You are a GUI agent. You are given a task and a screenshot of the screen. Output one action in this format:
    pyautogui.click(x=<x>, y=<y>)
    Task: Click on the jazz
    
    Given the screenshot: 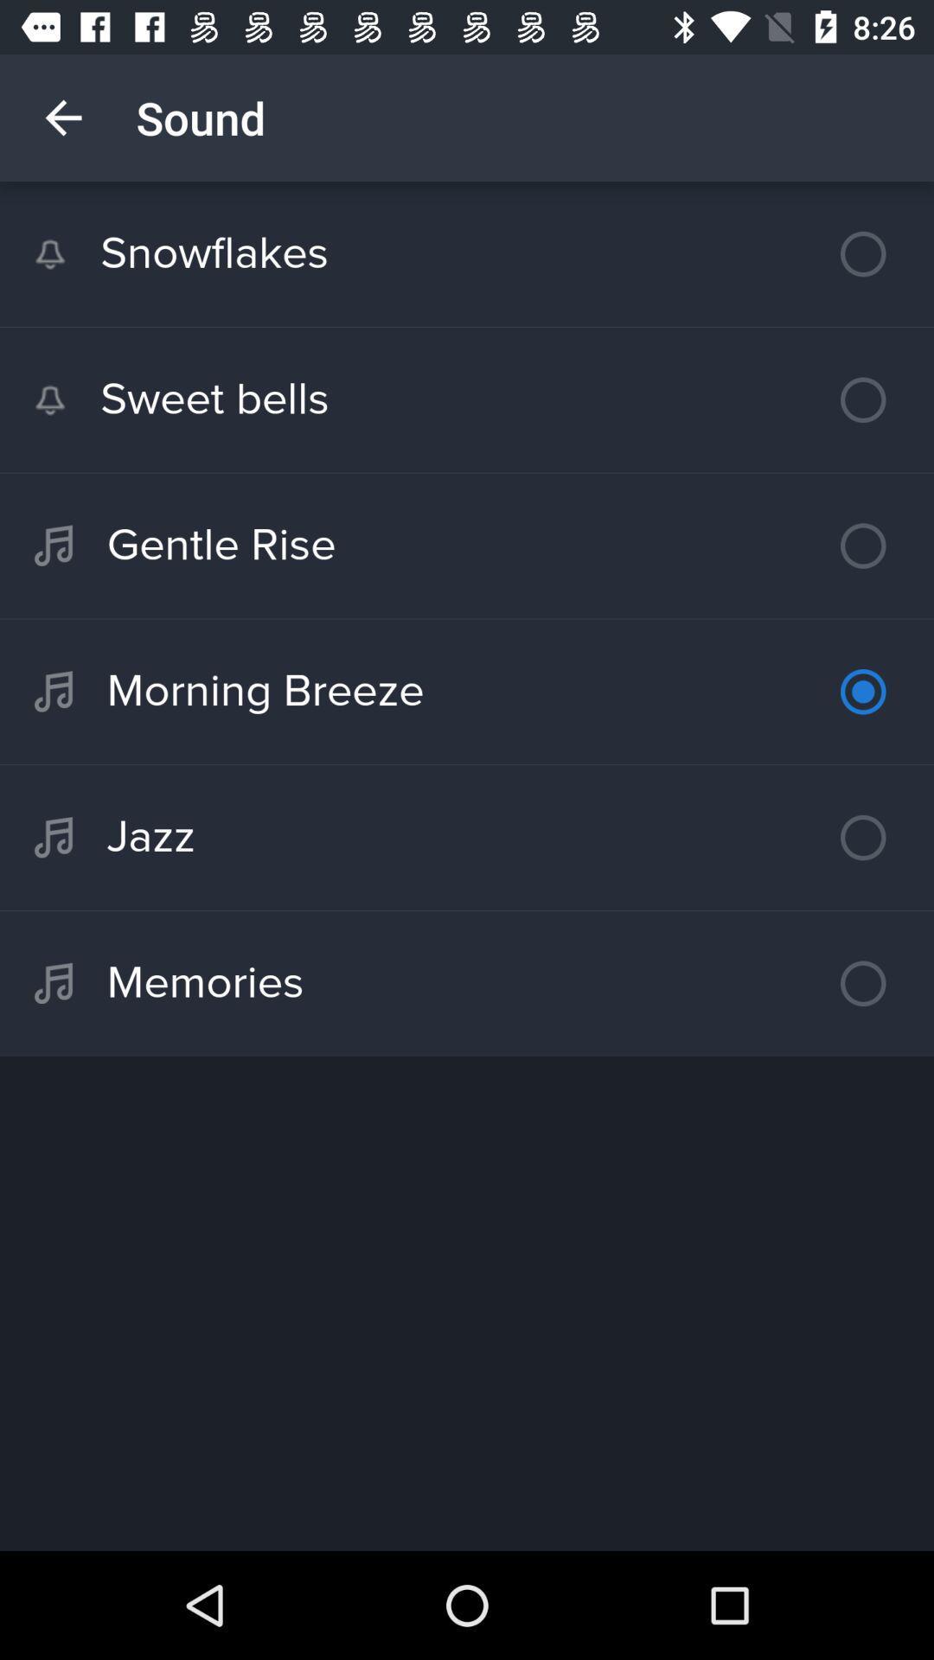 What is the action you would take?
    pyautogui.click(x=467, y=838)
    